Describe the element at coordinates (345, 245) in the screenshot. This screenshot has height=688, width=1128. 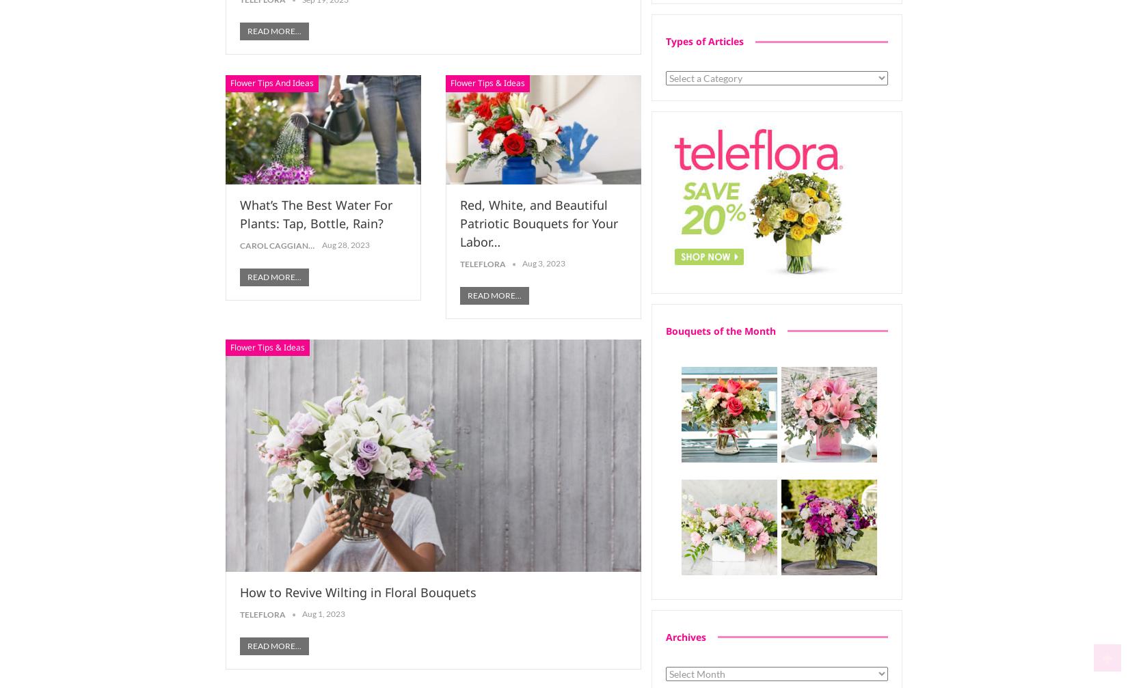
I see `'Aug 28, 2023'` at that location.